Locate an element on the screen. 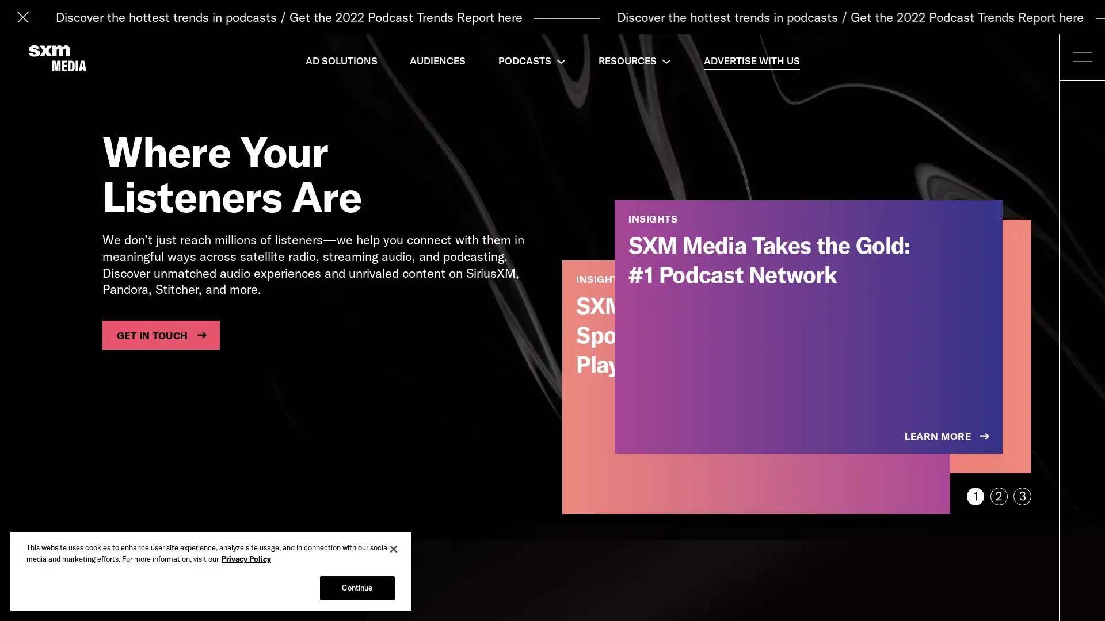 The width and height of the screenshot is (1105, 621). GET IN TOUCH is located at coordinates (160, 335).